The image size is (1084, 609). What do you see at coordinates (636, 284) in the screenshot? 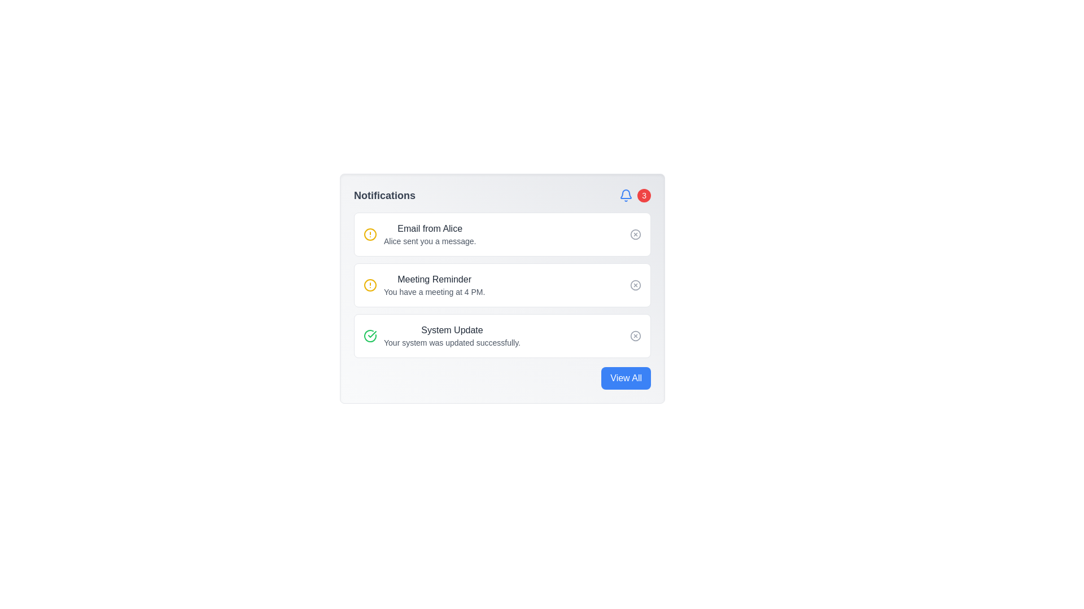
I see `the circular graphical icon element located at the rightmost side of the 'Meeting Reminder' notification box` at bounding box center [636, 284].